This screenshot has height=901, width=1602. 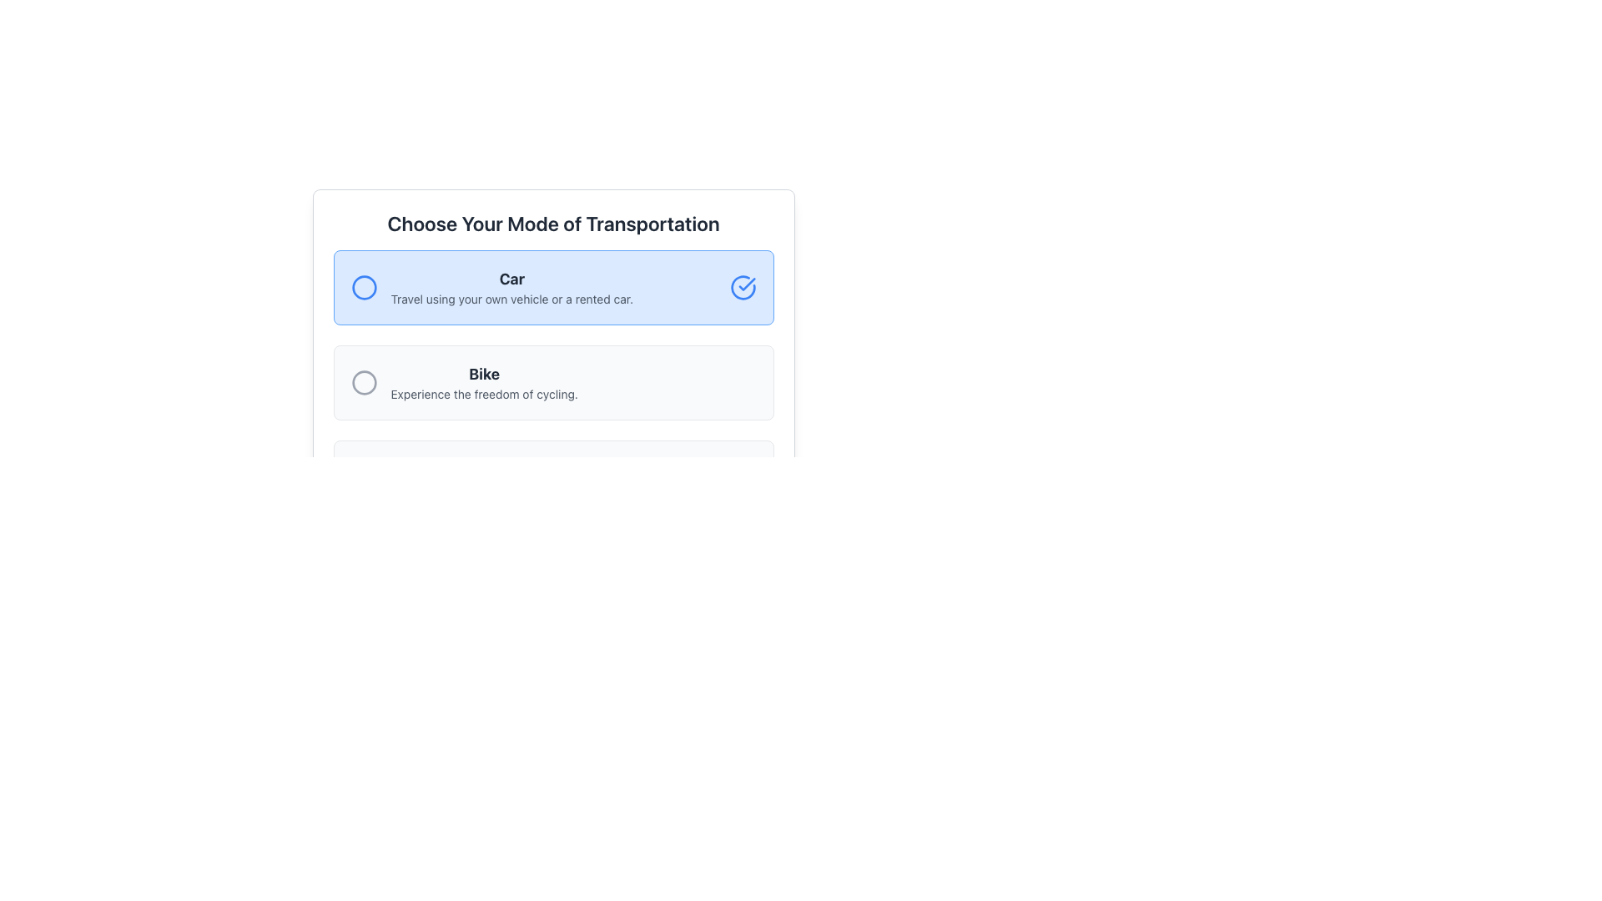 I want to click on the bold, dark gray 'Car' text label located in the middle-upper portion of the highlighted group, which is above the descriptive text about travel options, so click(x=511, y=279).